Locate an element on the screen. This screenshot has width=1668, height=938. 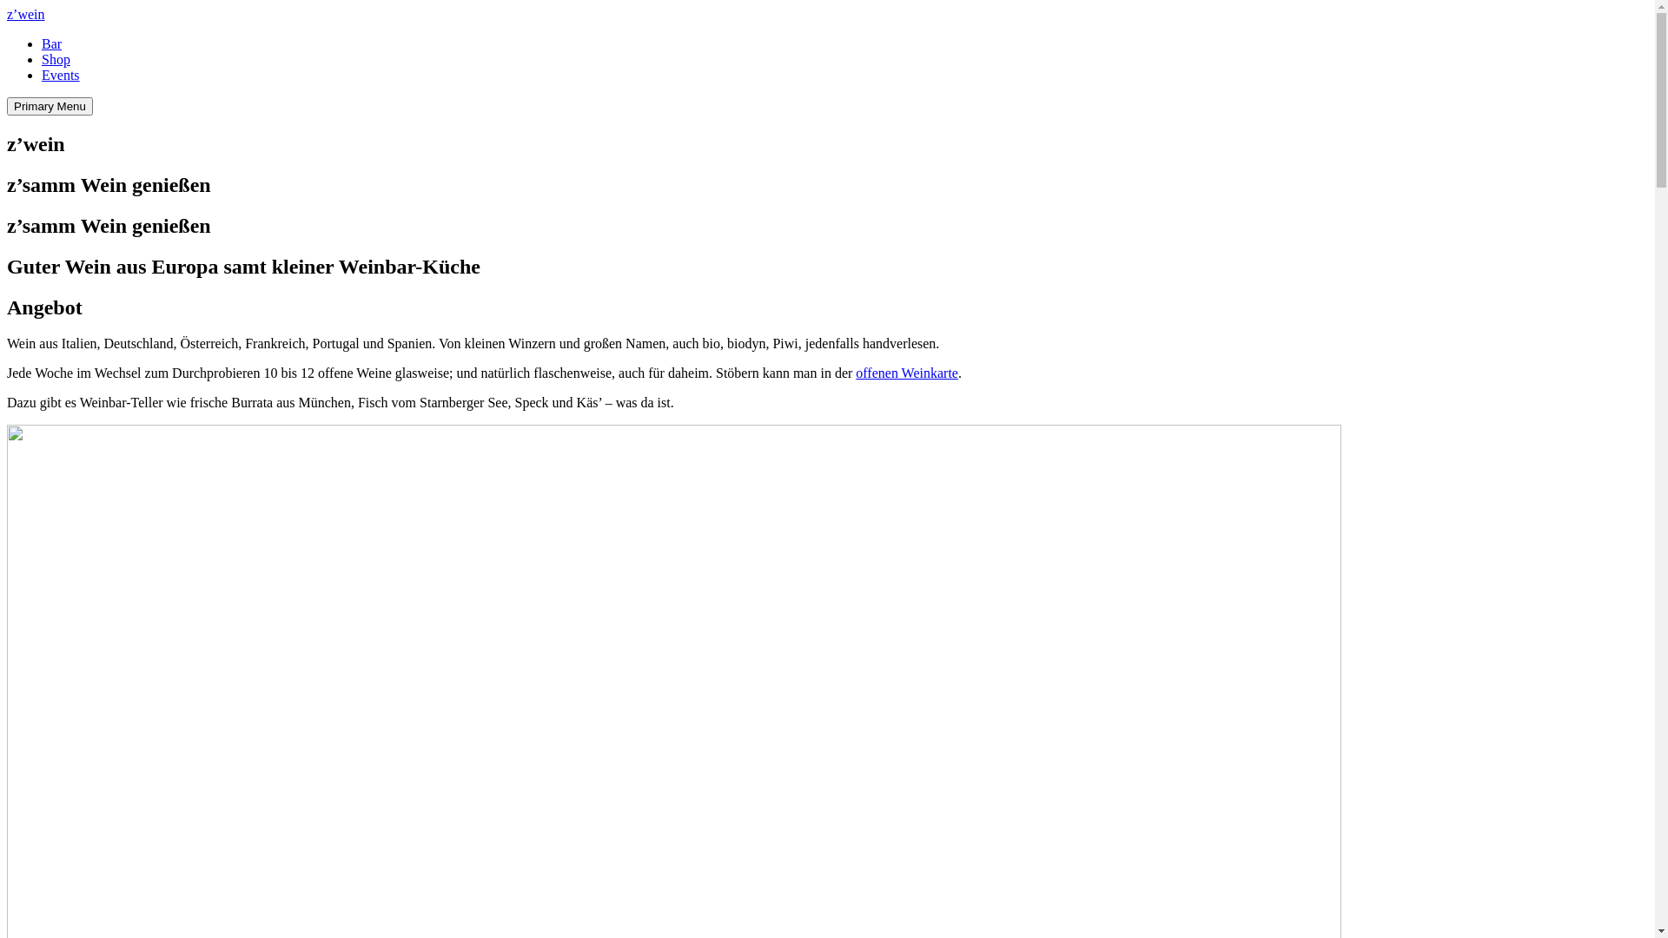
'Shop' is located at coordinates (56, 58).